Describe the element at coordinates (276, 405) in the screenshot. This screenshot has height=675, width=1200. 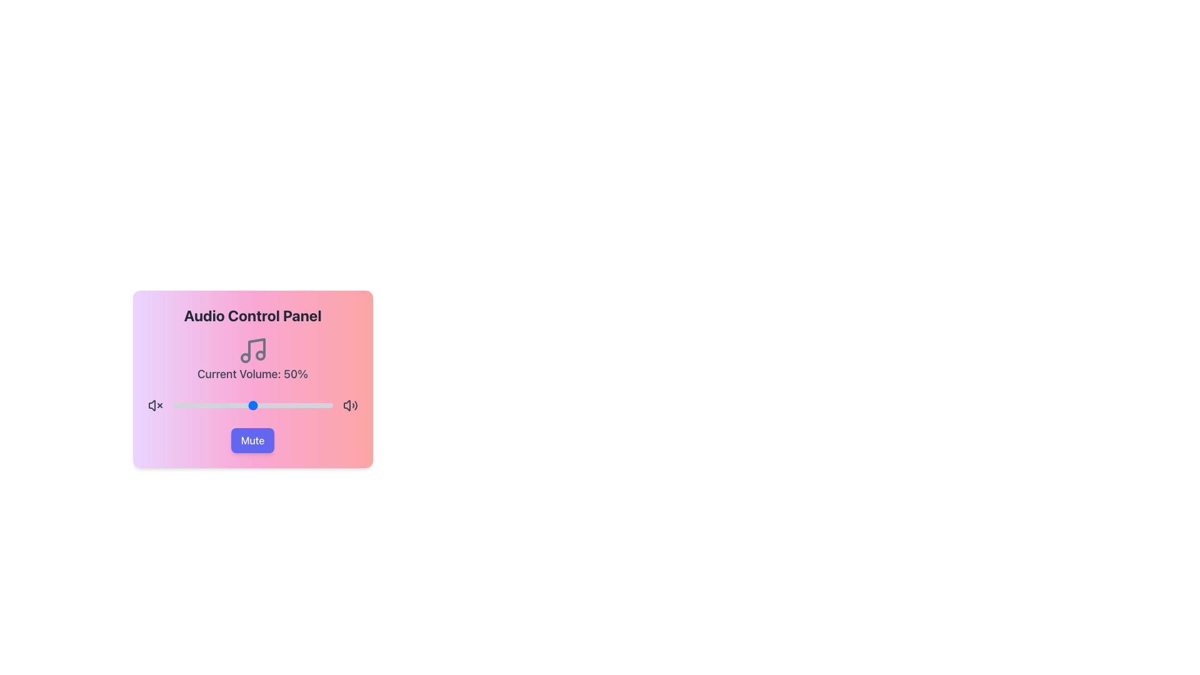
I see `the volume` at that location.